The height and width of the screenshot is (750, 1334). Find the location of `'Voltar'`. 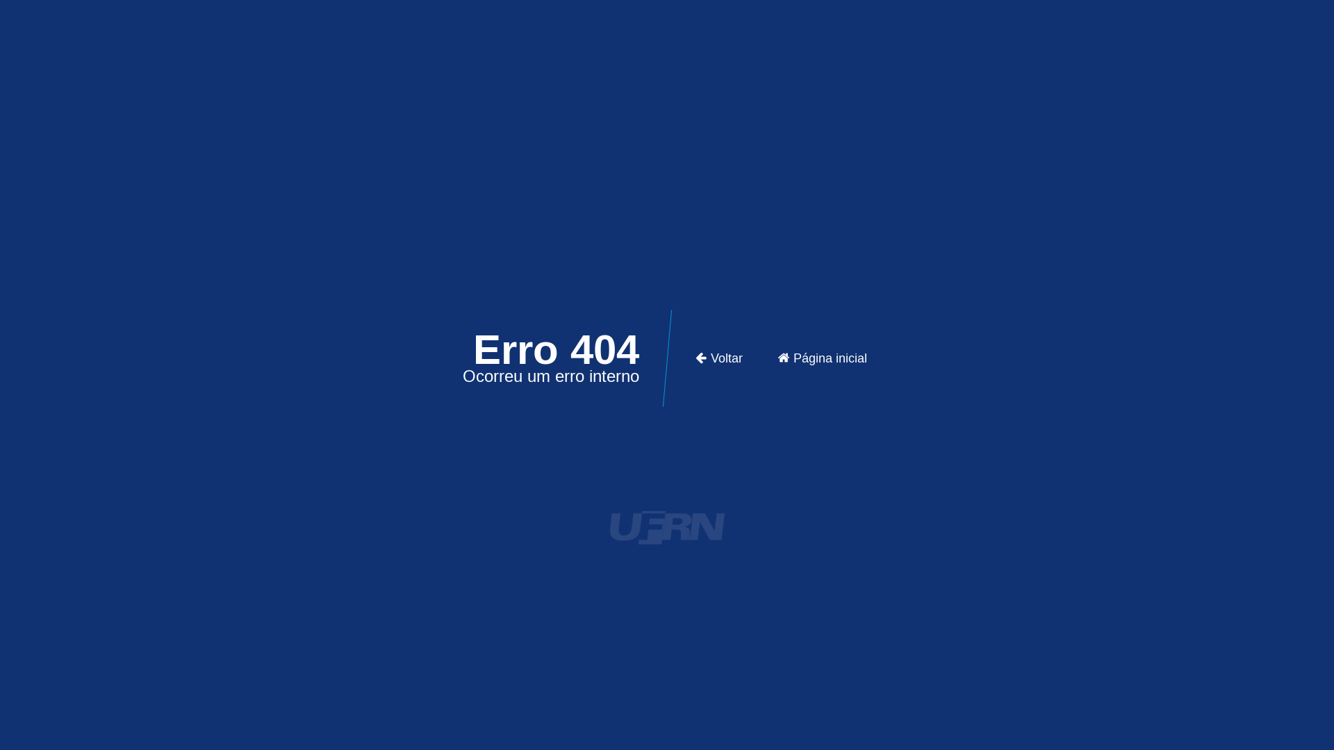

'Voltar' is located at coordinates (718, 358).